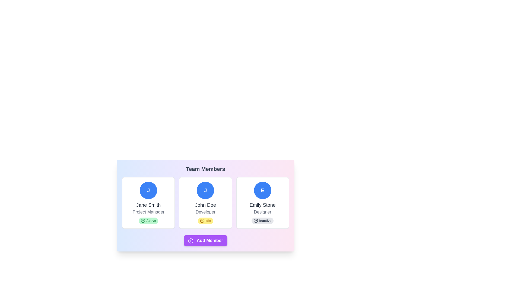  What do you see at coordinates (205, 240) in the screenshot?
I see `the 'Add Member' button, which is a rectangular button with a purple background and white text, located at the bottom center of the 'Team Members' panel` at bounding box center [205, 240].